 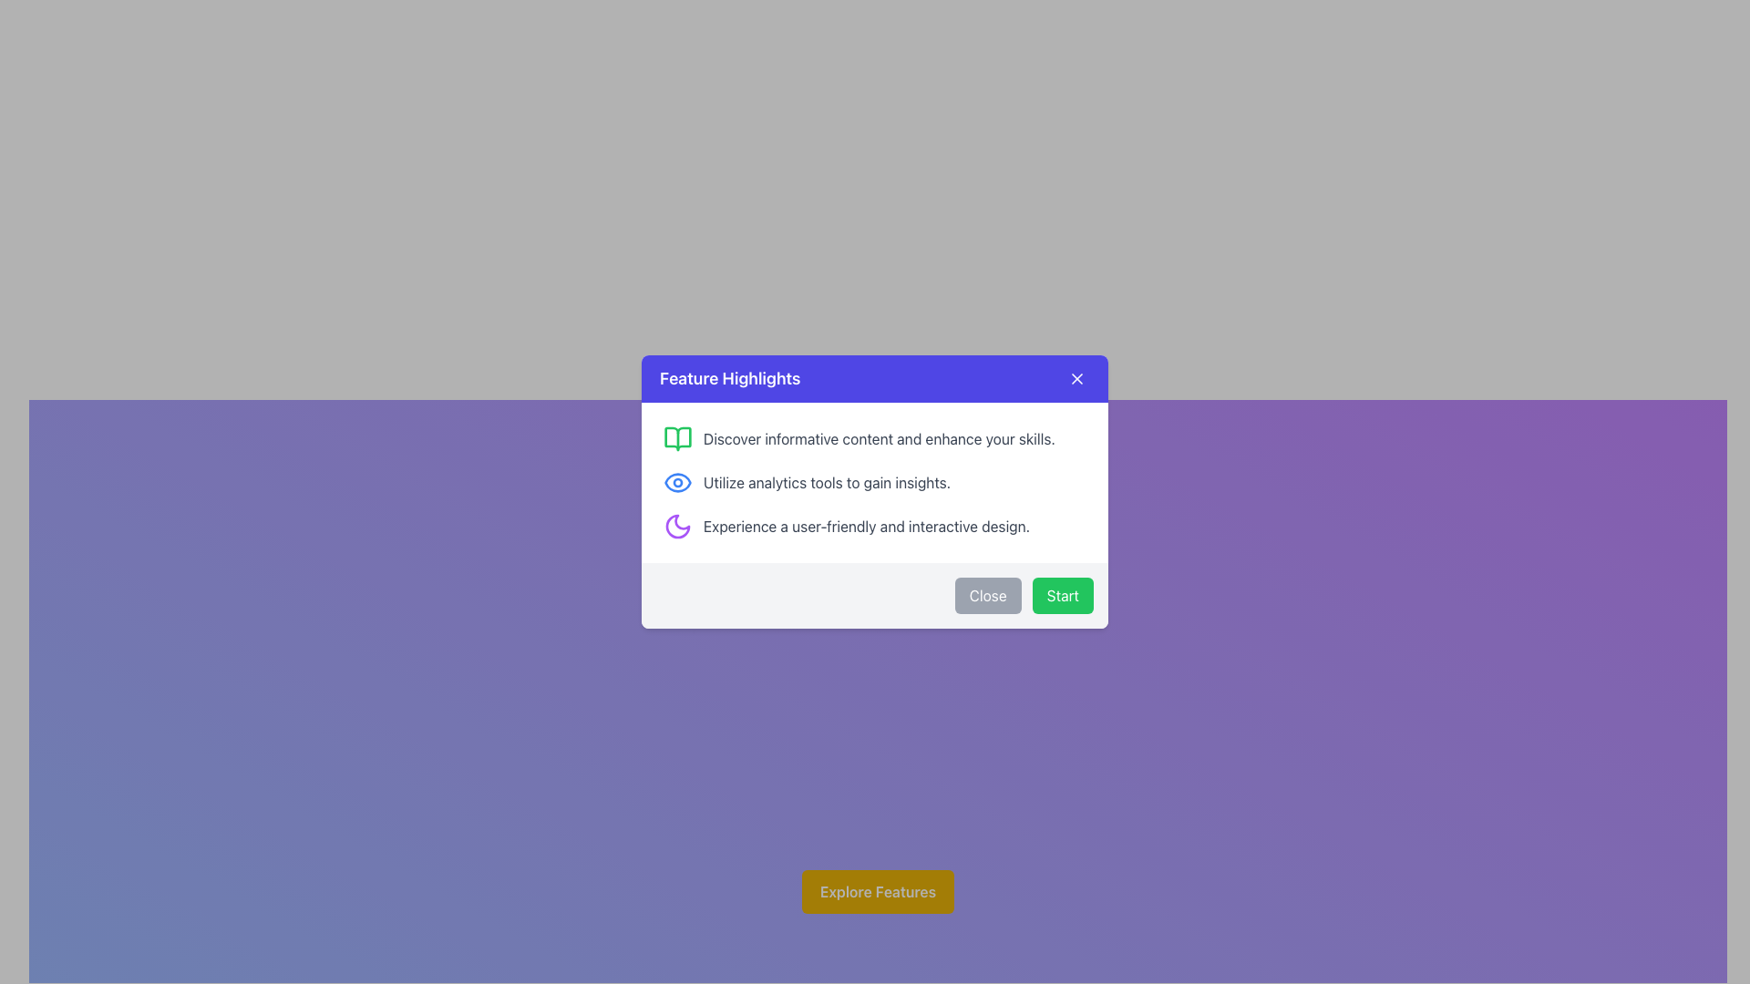 I want to click on the Label with a blue eye icon and the text 'Utilize analytics tools to gain insights.' which is the second item in a vertically stacked list of three similar elements, so click(x=875, y=481).